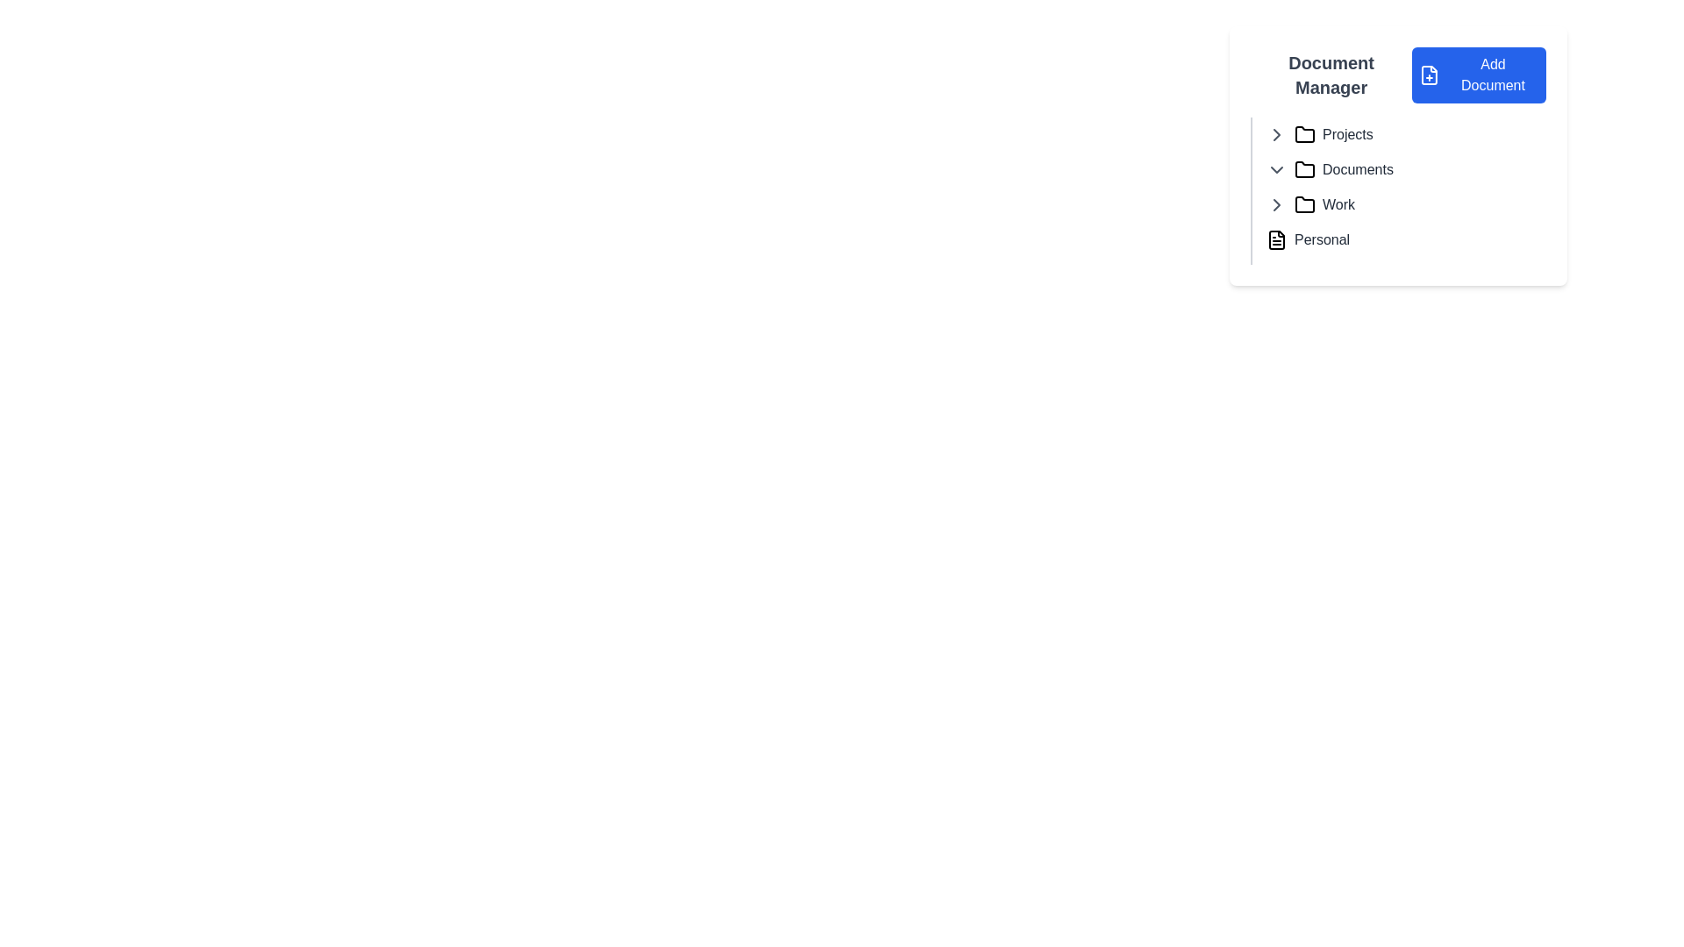 This screenshot has width=1684, height=947. I want to click on the text label displaying 'Work' in gray color located in the third level of the sidebar menu under 'Documents', positioned to the right of the folder icon, so click(1338, 204).